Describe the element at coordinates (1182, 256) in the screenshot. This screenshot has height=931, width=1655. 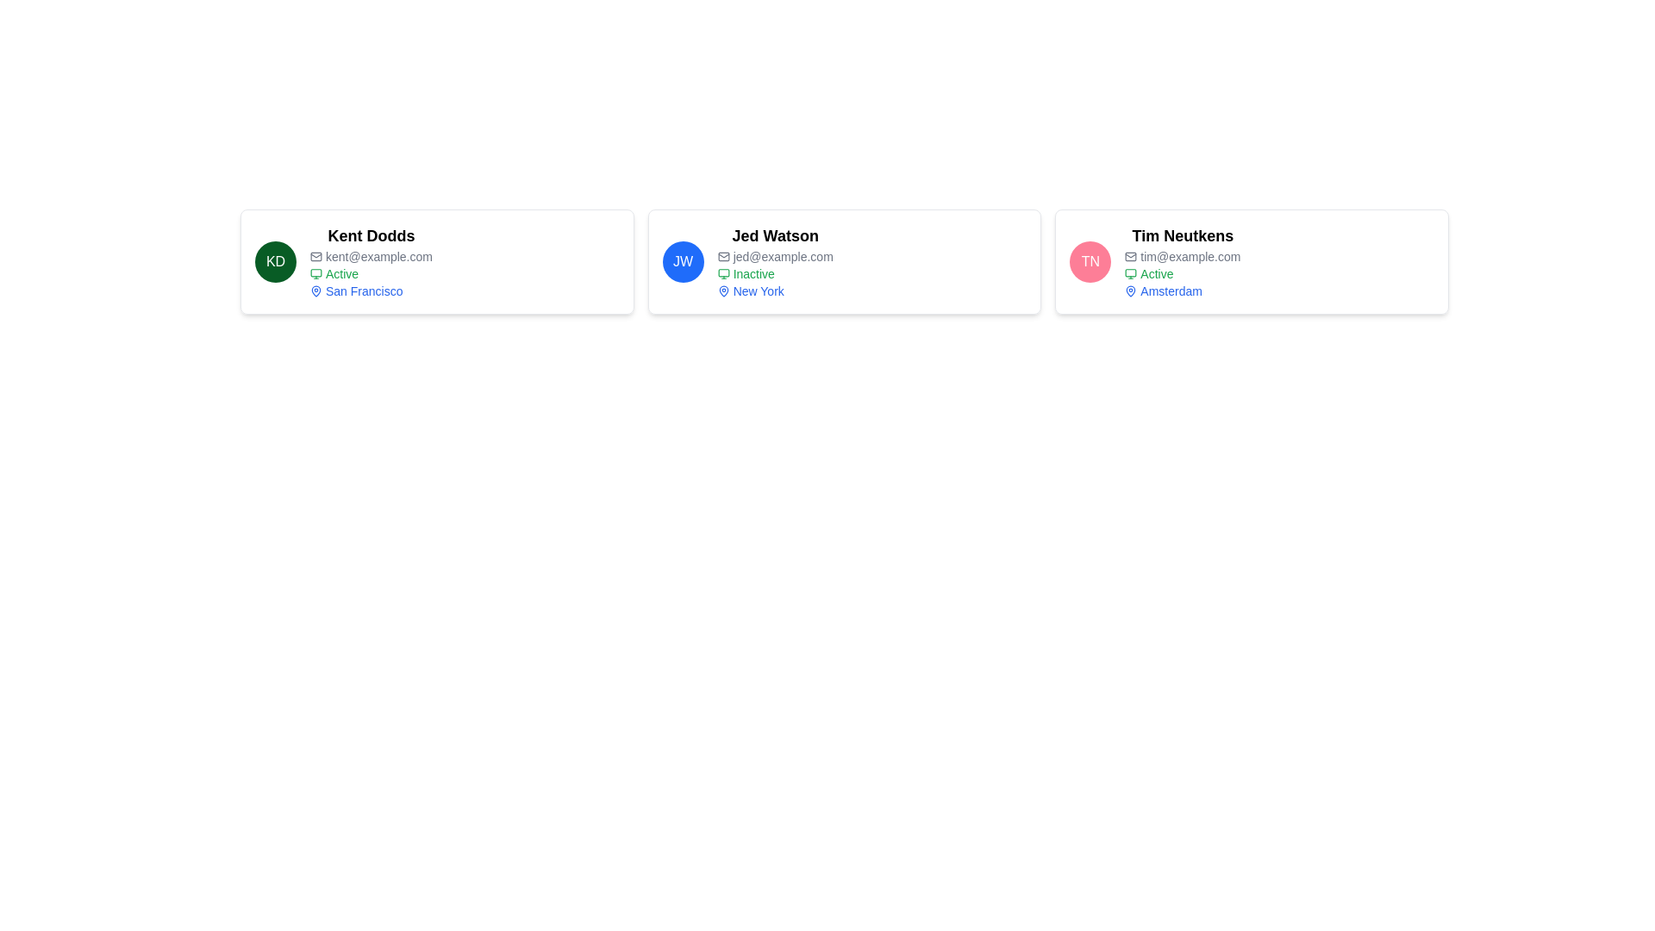
I see `the text display element showing the email address 'tim@example.com'` at that location.